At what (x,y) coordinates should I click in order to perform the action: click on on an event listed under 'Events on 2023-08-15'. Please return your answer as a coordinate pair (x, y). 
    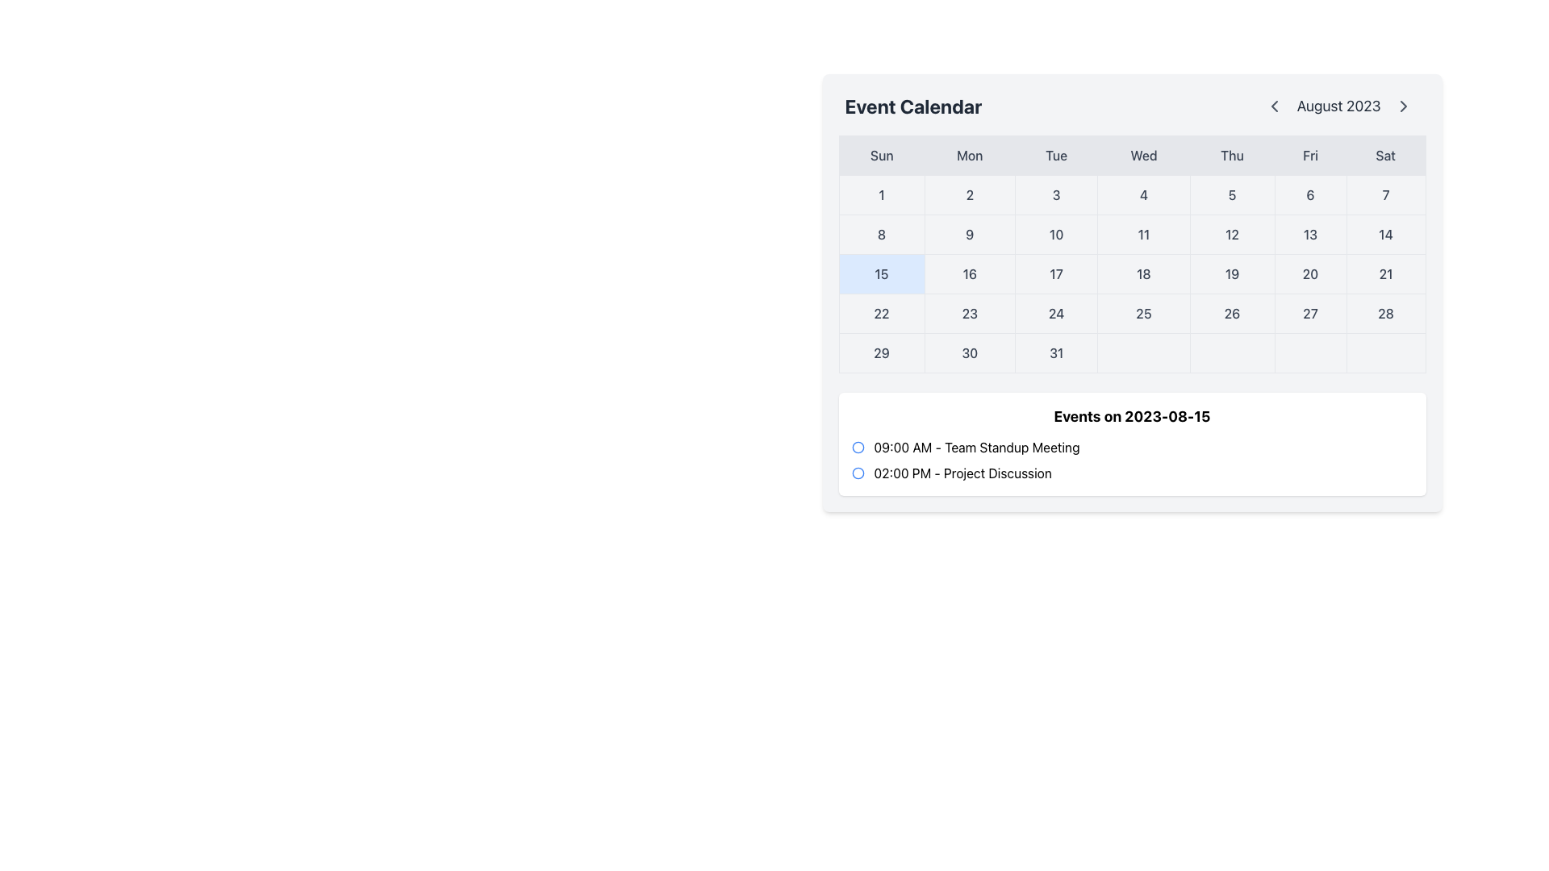
    Looking at the image, I should click on (1131, 460).